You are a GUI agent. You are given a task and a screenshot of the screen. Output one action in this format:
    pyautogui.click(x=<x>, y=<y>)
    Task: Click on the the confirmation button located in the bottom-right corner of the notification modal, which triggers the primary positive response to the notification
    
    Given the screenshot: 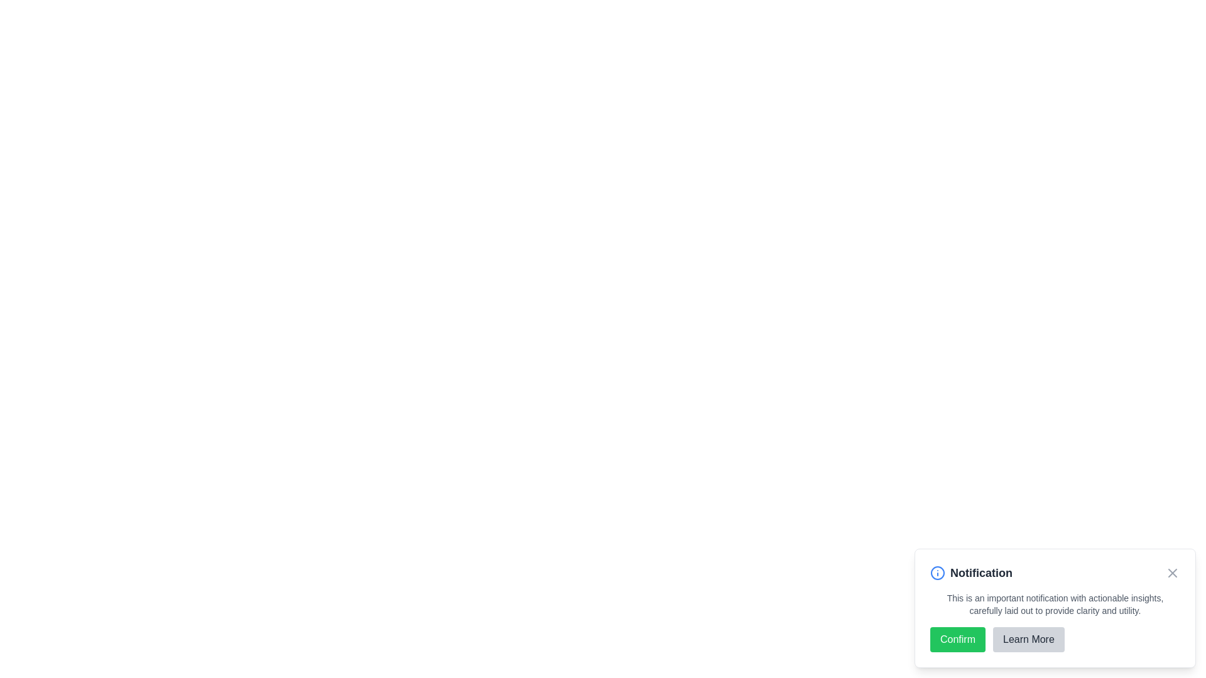 What is the action you would take?
    pyautogui.click(x=957, y=639)
    